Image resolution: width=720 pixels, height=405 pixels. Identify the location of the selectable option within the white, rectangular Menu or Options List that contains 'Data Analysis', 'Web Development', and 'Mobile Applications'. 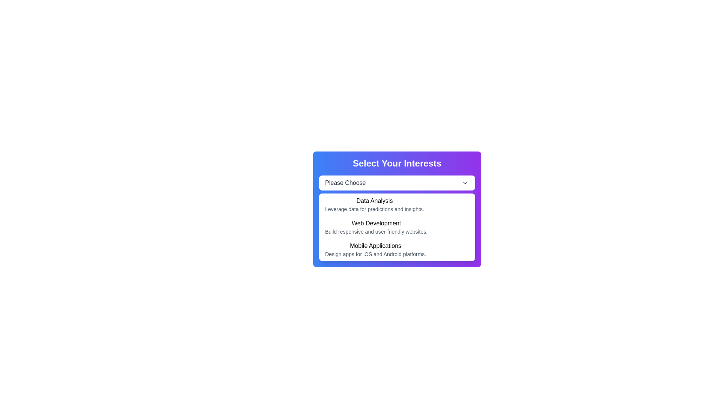
(397, 226).